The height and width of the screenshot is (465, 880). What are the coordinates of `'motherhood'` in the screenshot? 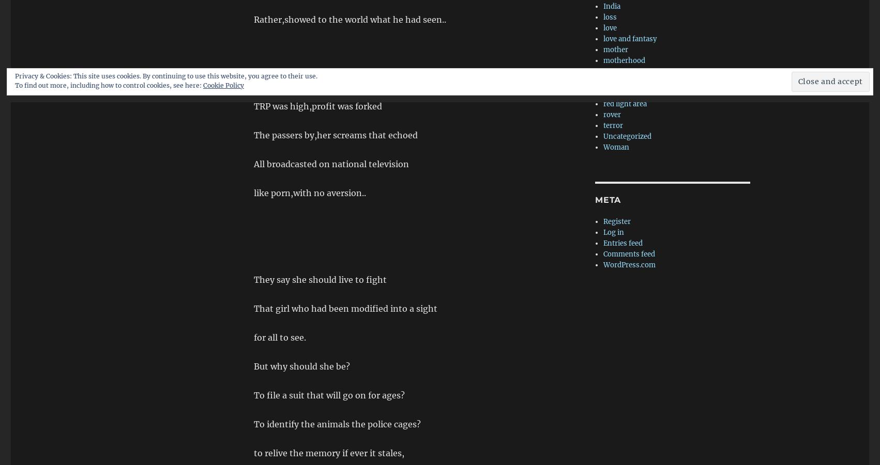 It's located at (624, 60).